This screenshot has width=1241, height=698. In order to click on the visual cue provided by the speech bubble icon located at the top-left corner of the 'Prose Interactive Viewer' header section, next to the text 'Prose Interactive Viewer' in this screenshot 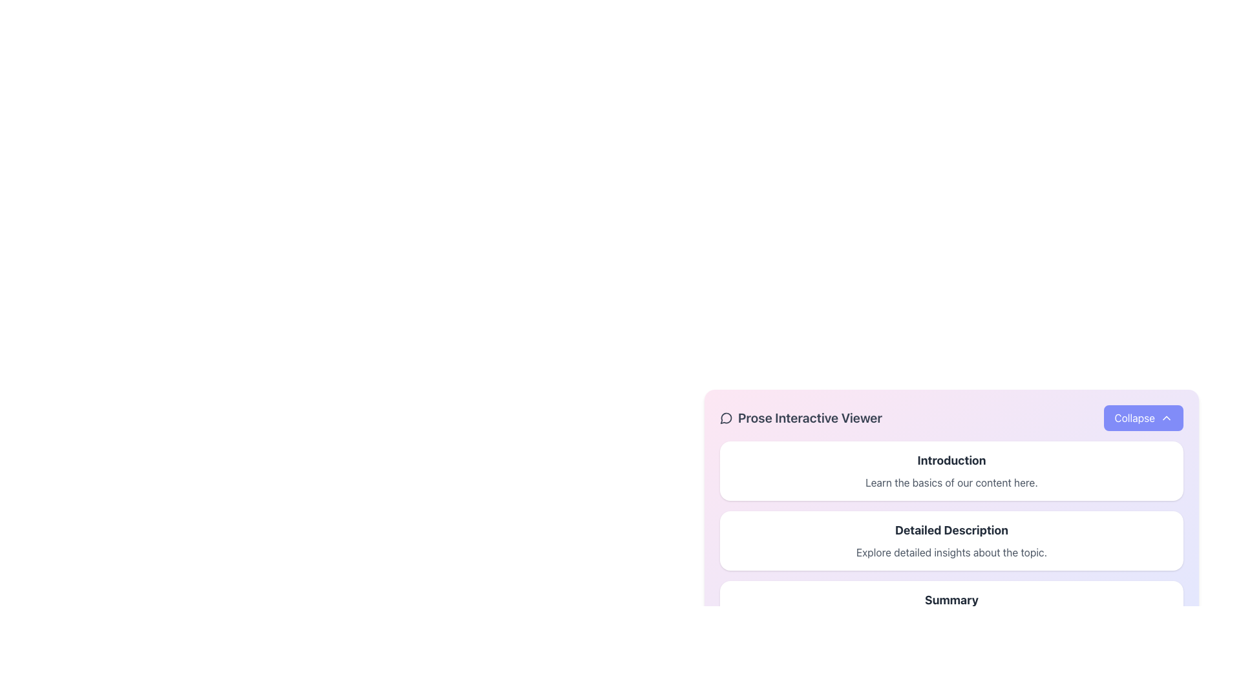, I will do `click(726, 418)`.